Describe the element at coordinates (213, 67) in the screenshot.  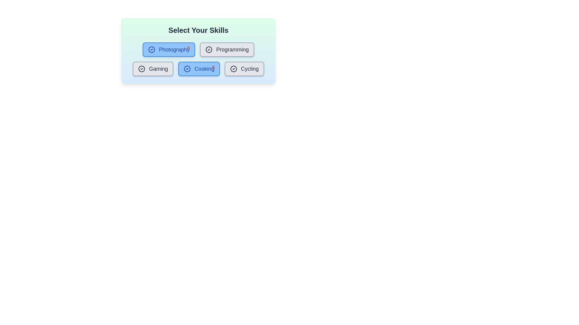
I see `close icon of the skill named Cooking` at that location.